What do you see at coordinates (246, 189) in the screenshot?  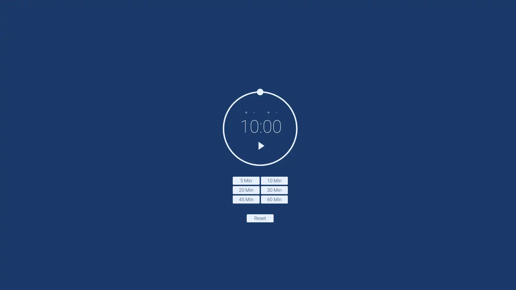 I see `20 Min` at bounding box center [246, 189].